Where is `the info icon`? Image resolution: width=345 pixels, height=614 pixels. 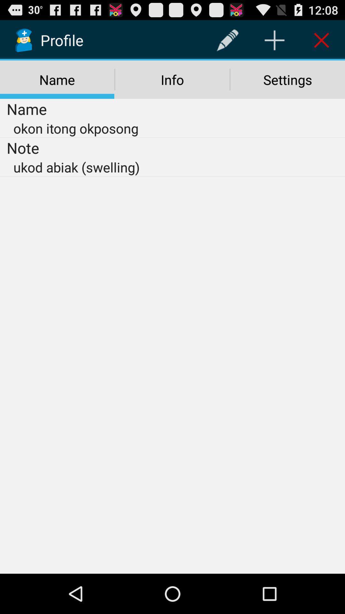 the info icon is located at coordinates (172, 79).